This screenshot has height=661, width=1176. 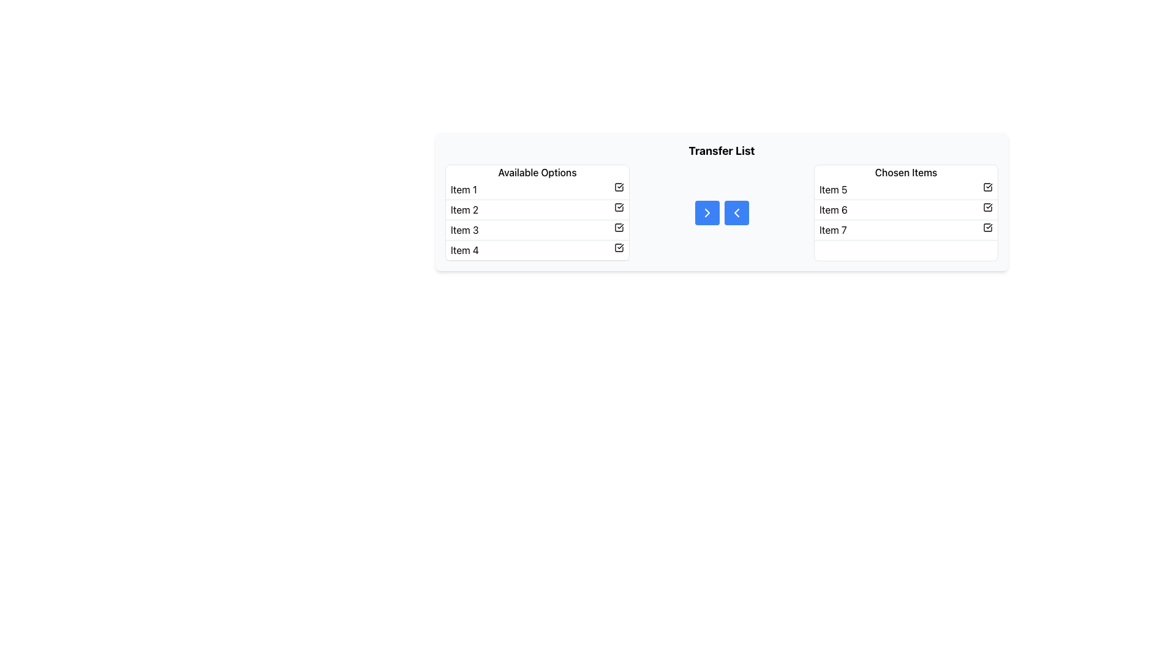 What do you see at coordinates (707, 212) in the screenshot?
I see `the rightward chevron icon to transfer selected items from 'Available Options' to 'Chosen Items'` at bounding box center [707, 212].